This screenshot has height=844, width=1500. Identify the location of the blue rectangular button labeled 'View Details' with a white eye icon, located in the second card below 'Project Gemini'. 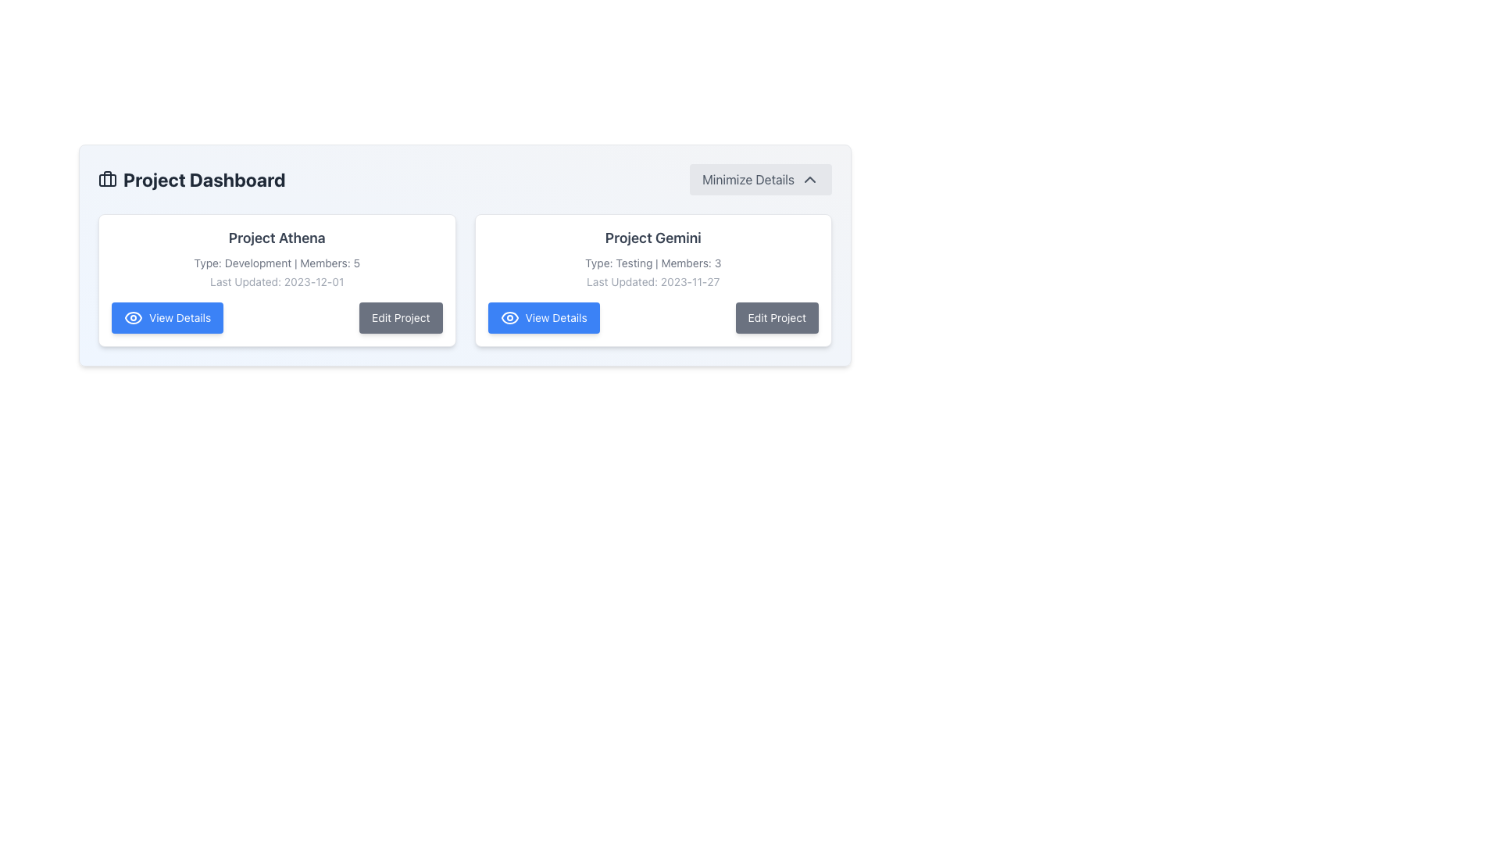
(544, 317).